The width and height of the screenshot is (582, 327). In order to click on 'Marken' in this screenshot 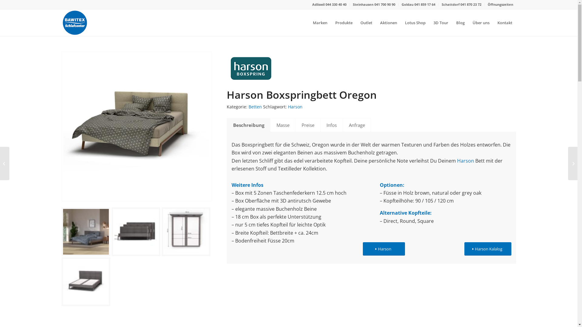, I will do `click(319, 22)`.